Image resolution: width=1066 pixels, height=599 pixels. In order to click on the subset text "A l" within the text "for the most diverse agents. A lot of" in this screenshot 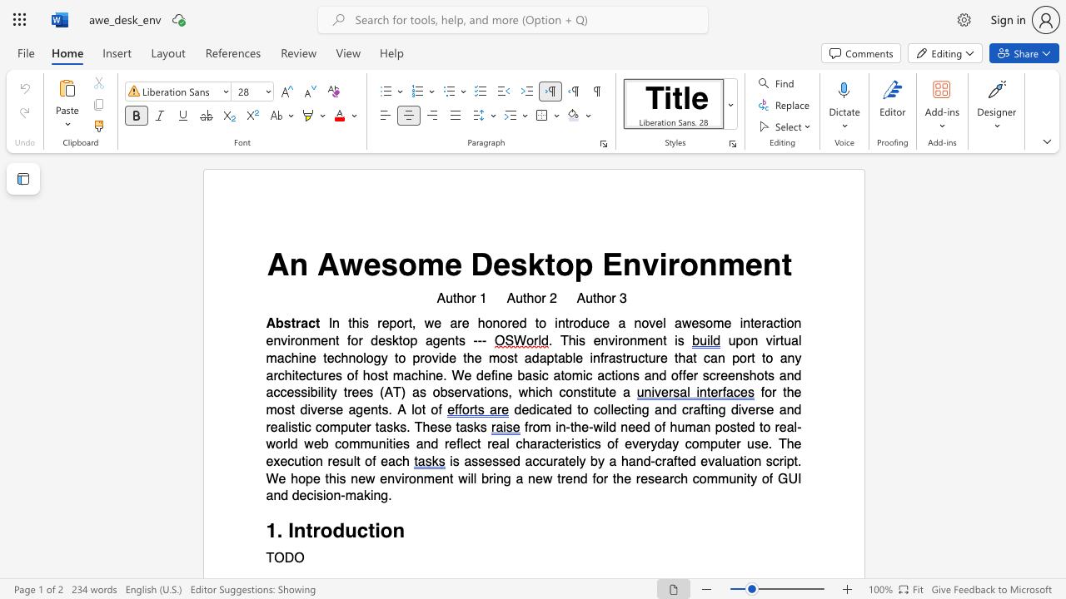, I will do `click(396, 409)`.